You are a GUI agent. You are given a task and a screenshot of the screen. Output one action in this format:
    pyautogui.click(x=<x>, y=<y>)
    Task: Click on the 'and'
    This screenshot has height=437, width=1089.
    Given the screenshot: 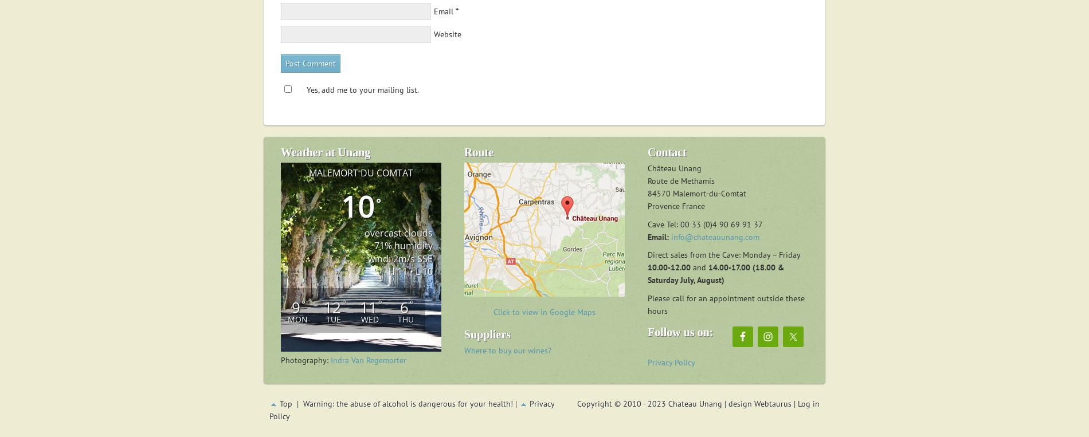 What is the action you would take?
    pyautogui.click(x=690, y=267)
    